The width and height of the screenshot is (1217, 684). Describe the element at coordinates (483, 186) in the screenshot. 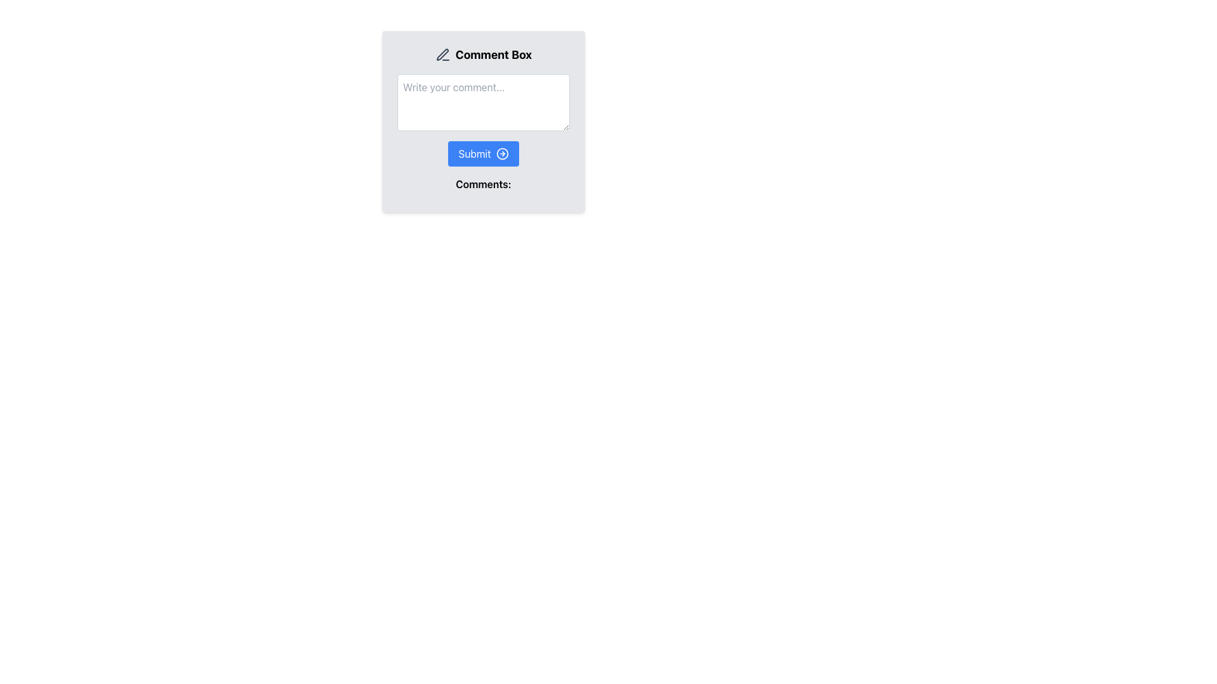

I see `text from the label indicating the section for user comments or feedback located at the bottom margin of the 'Comment Box' interface` at that location.